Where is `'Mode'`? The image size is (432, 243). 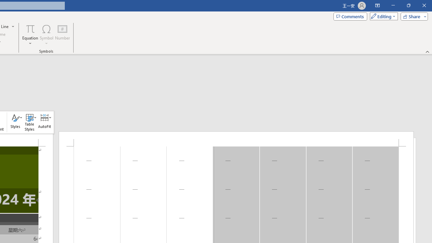
'Mode' is located at coordinates (382, 16).